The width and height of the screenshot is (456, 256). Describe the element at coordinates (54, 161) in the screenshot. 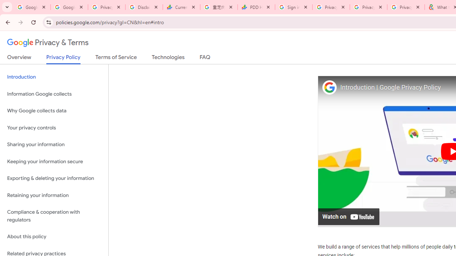

I see `'Keeping your information secure'` at that location.